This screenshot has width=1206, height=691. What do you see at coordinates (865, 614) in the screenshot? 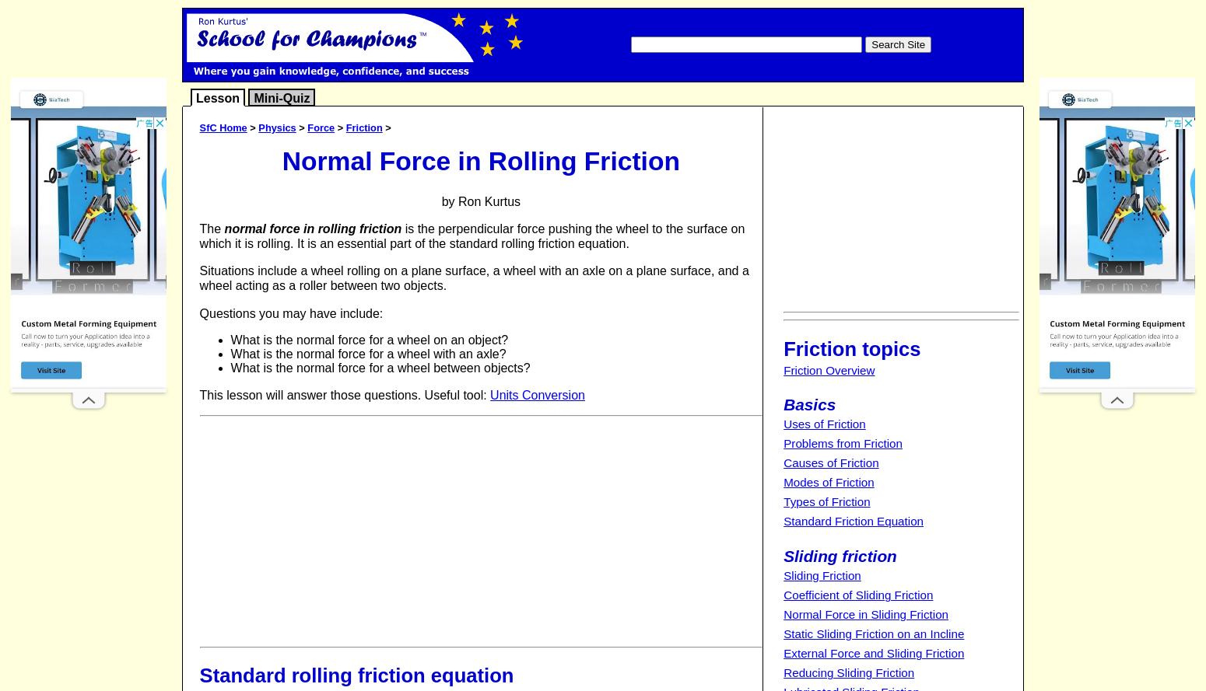
I see `'Normal Force in Sliding Friction'` at bounding box center [865, 614].